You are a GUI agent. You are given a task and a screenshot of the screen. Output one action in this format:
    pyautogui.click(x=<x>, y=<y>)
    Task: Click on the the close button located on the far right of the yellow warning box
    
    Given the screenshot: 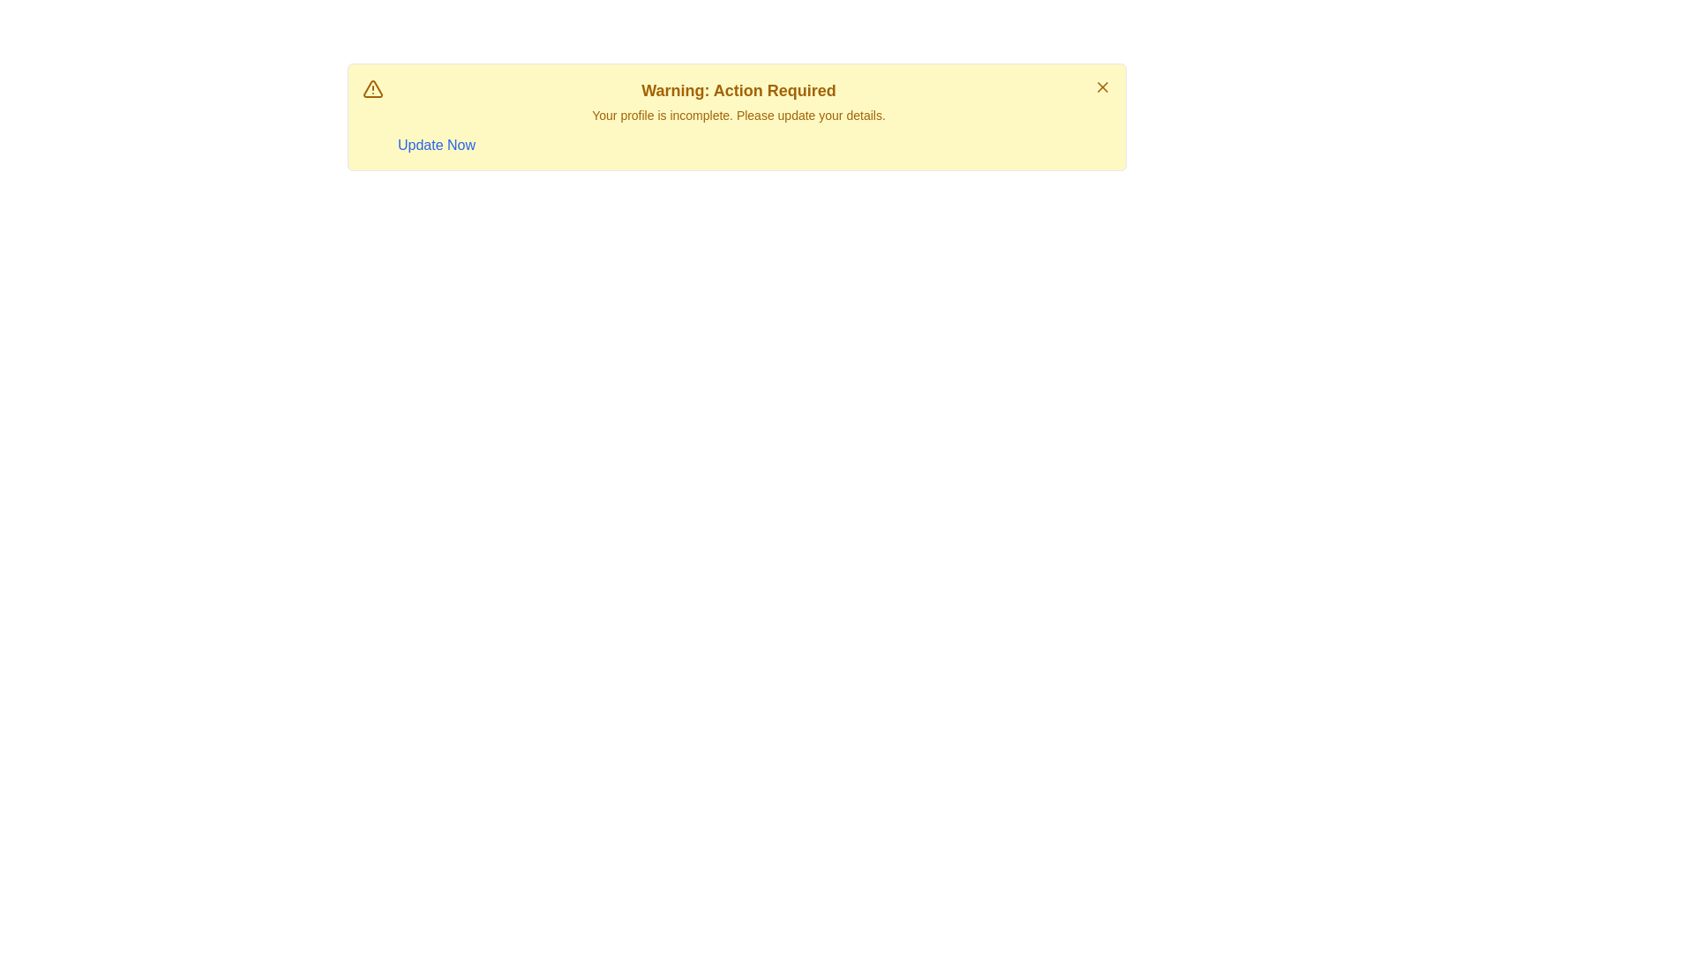 What is the action you would take?
    pyautogui.click(x=1101, y=87)
    